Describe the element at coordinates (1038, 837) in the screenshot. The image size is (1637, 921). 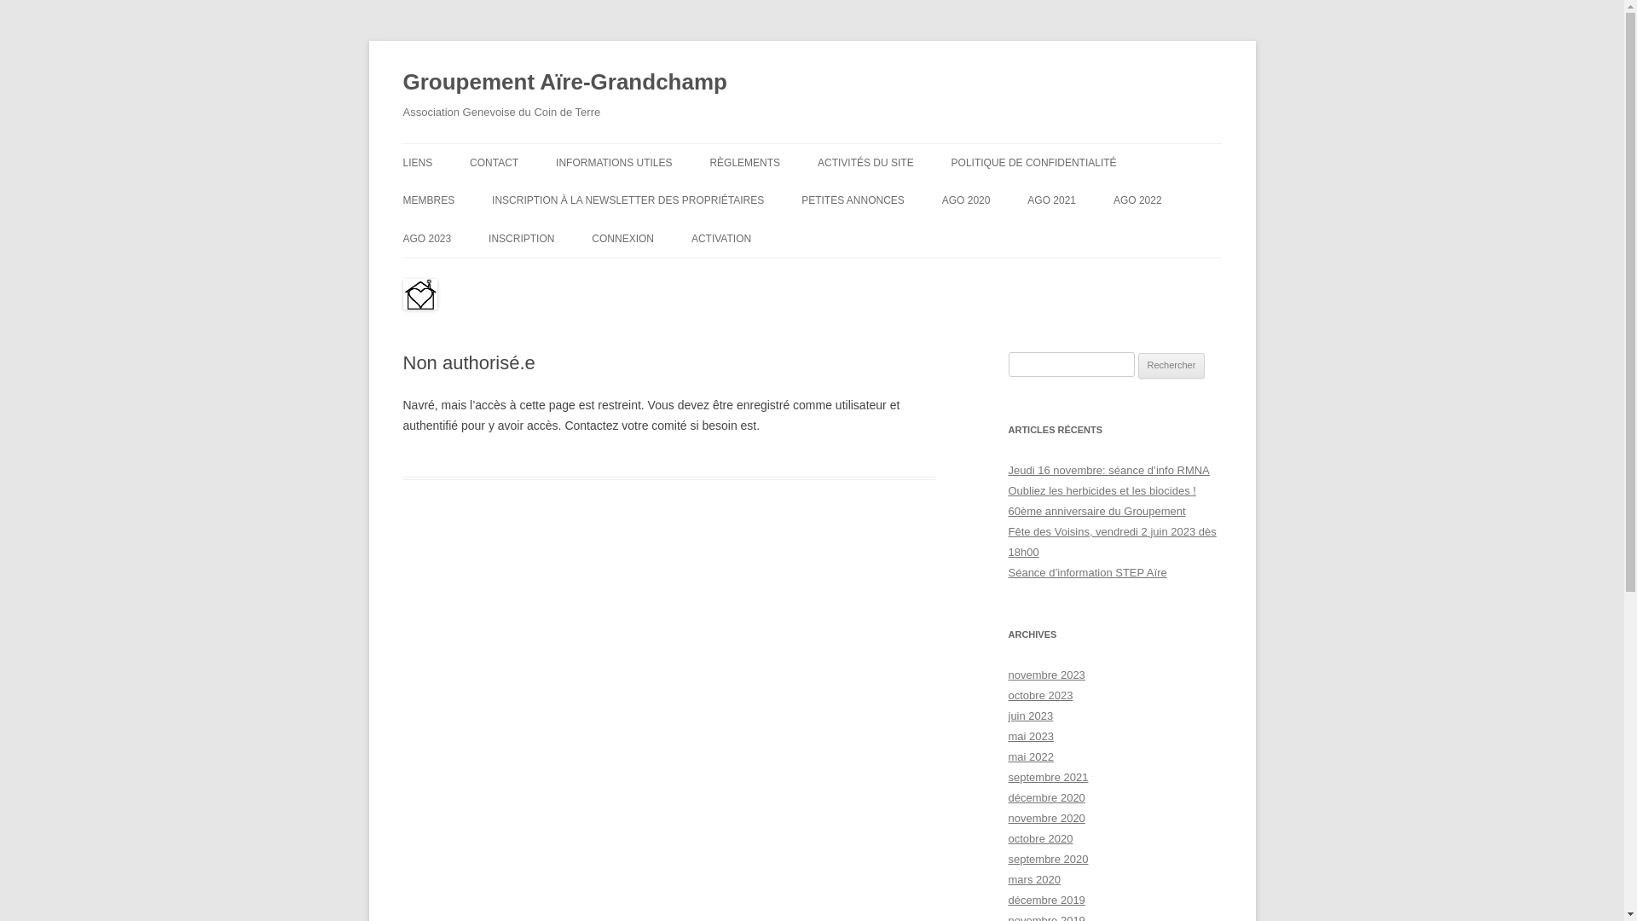
I see `'octobre 2020'` at that location.